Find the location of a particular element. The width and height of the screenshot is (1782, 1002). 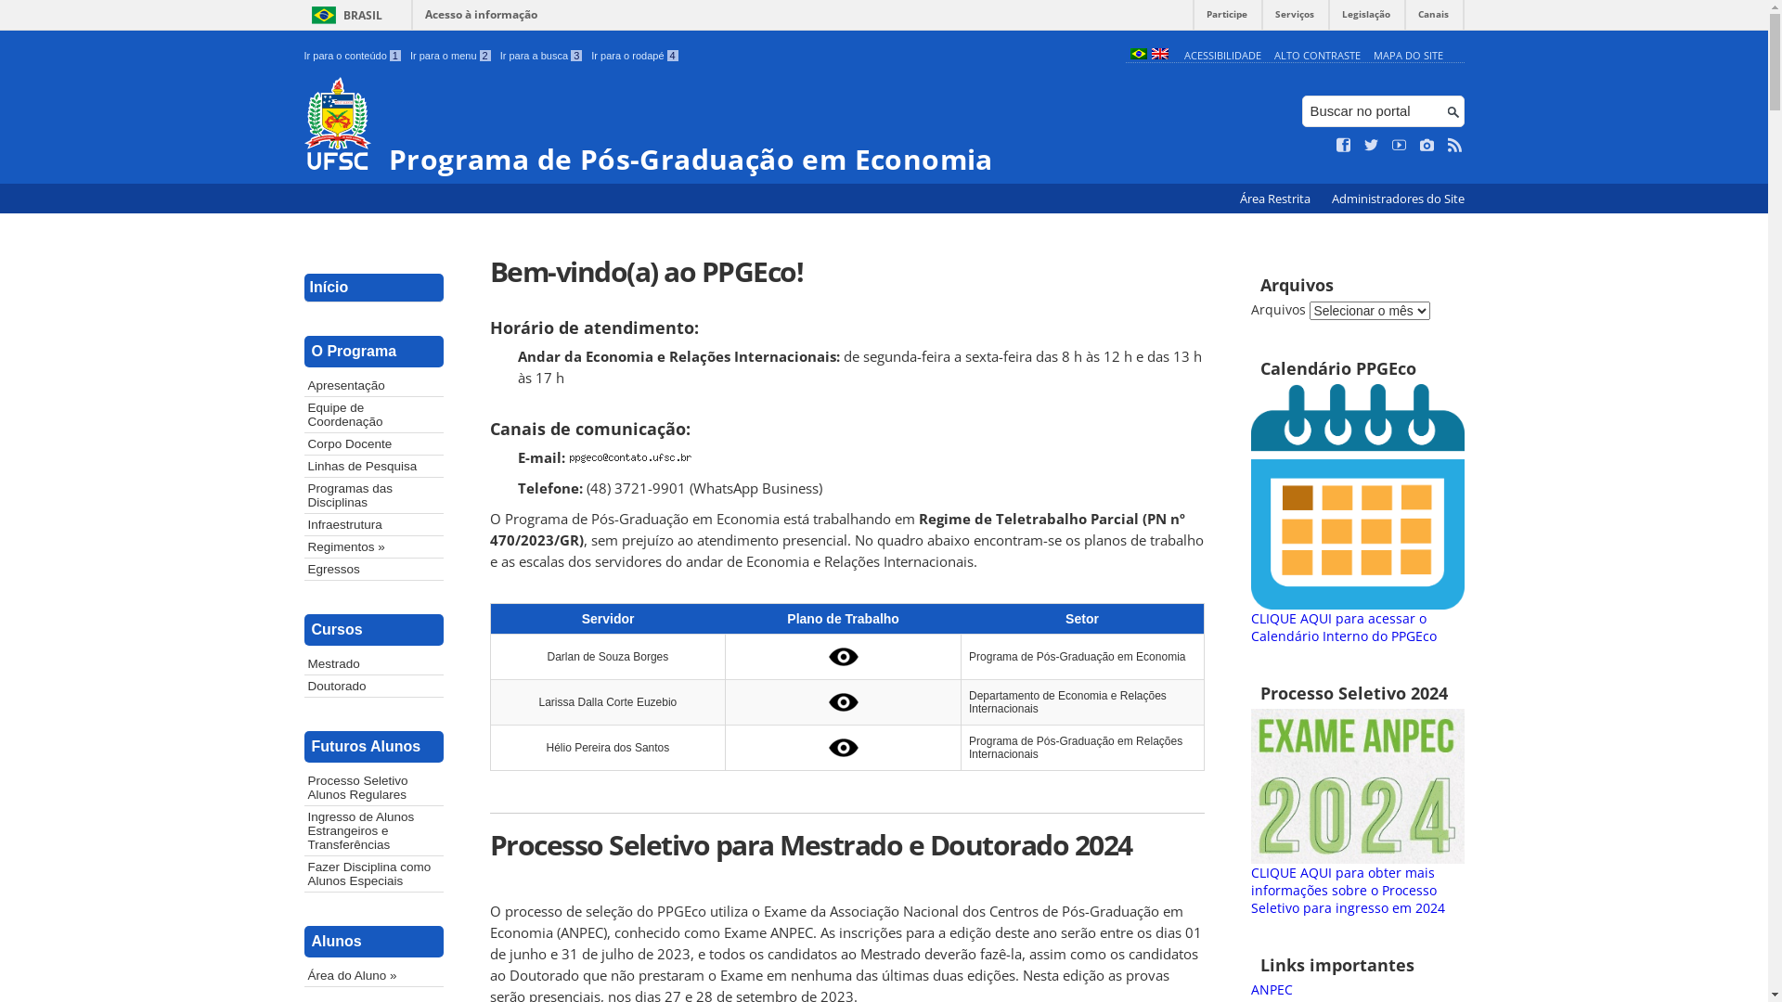

'English (en)' is located at coordinates (1157, 54).